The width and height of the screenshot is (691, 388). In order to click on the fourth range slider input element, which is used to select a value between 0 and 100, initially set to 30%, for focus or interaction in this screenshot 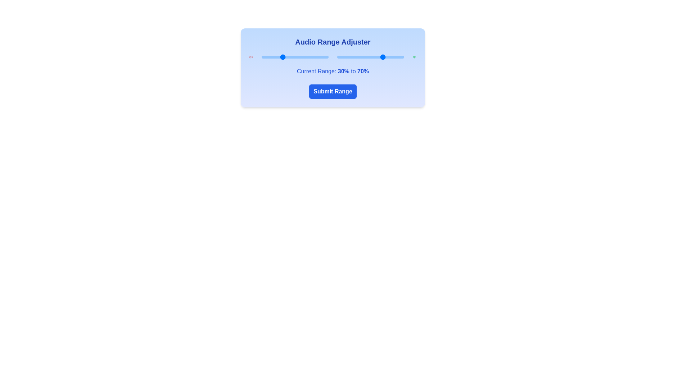, I will do `click(295, 56)`.